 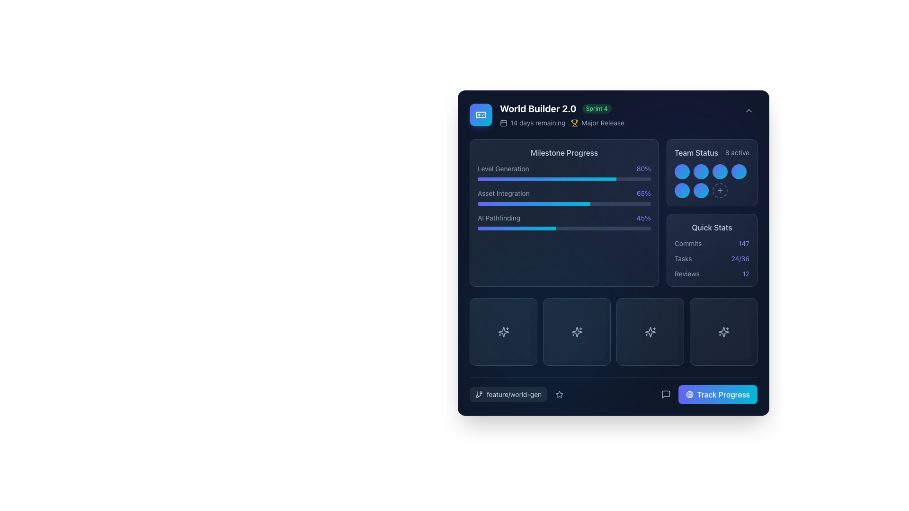 I want to click on the static label displaying the count of active entities or elements, which is aligned to the right-hand side of the header 'Team Status', so click(x=737, y=152).